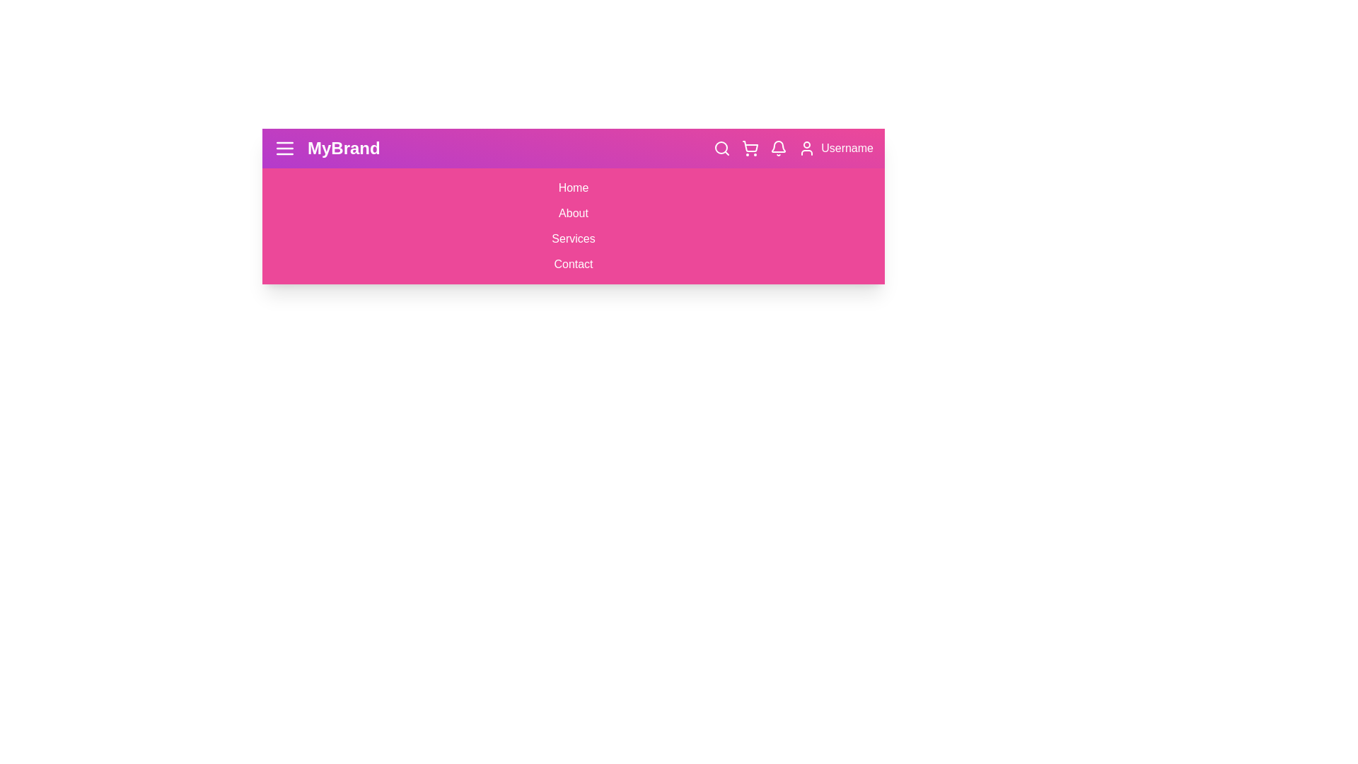 The width and height of the screenshot is (1358, 764). What do you see at coordinates (749, 148) in the screenshot?
I see `the shopping cart icon to access the shopping cart` at bounding box center [749, 148].